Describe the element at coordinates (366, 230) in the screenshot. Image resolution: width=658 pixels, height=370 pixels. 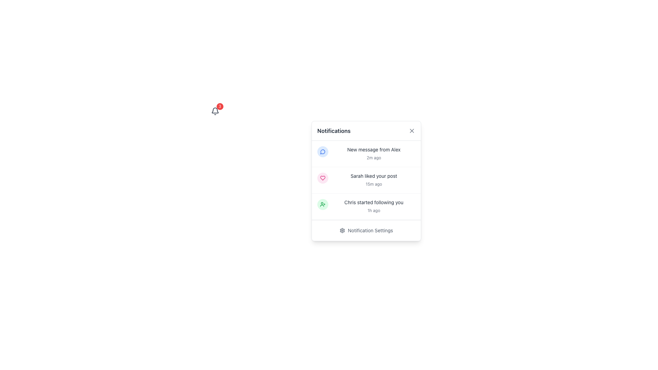
I see `the 'Notification Settings' clickable text label with an icon at the bottom of the notification panel` at that location.